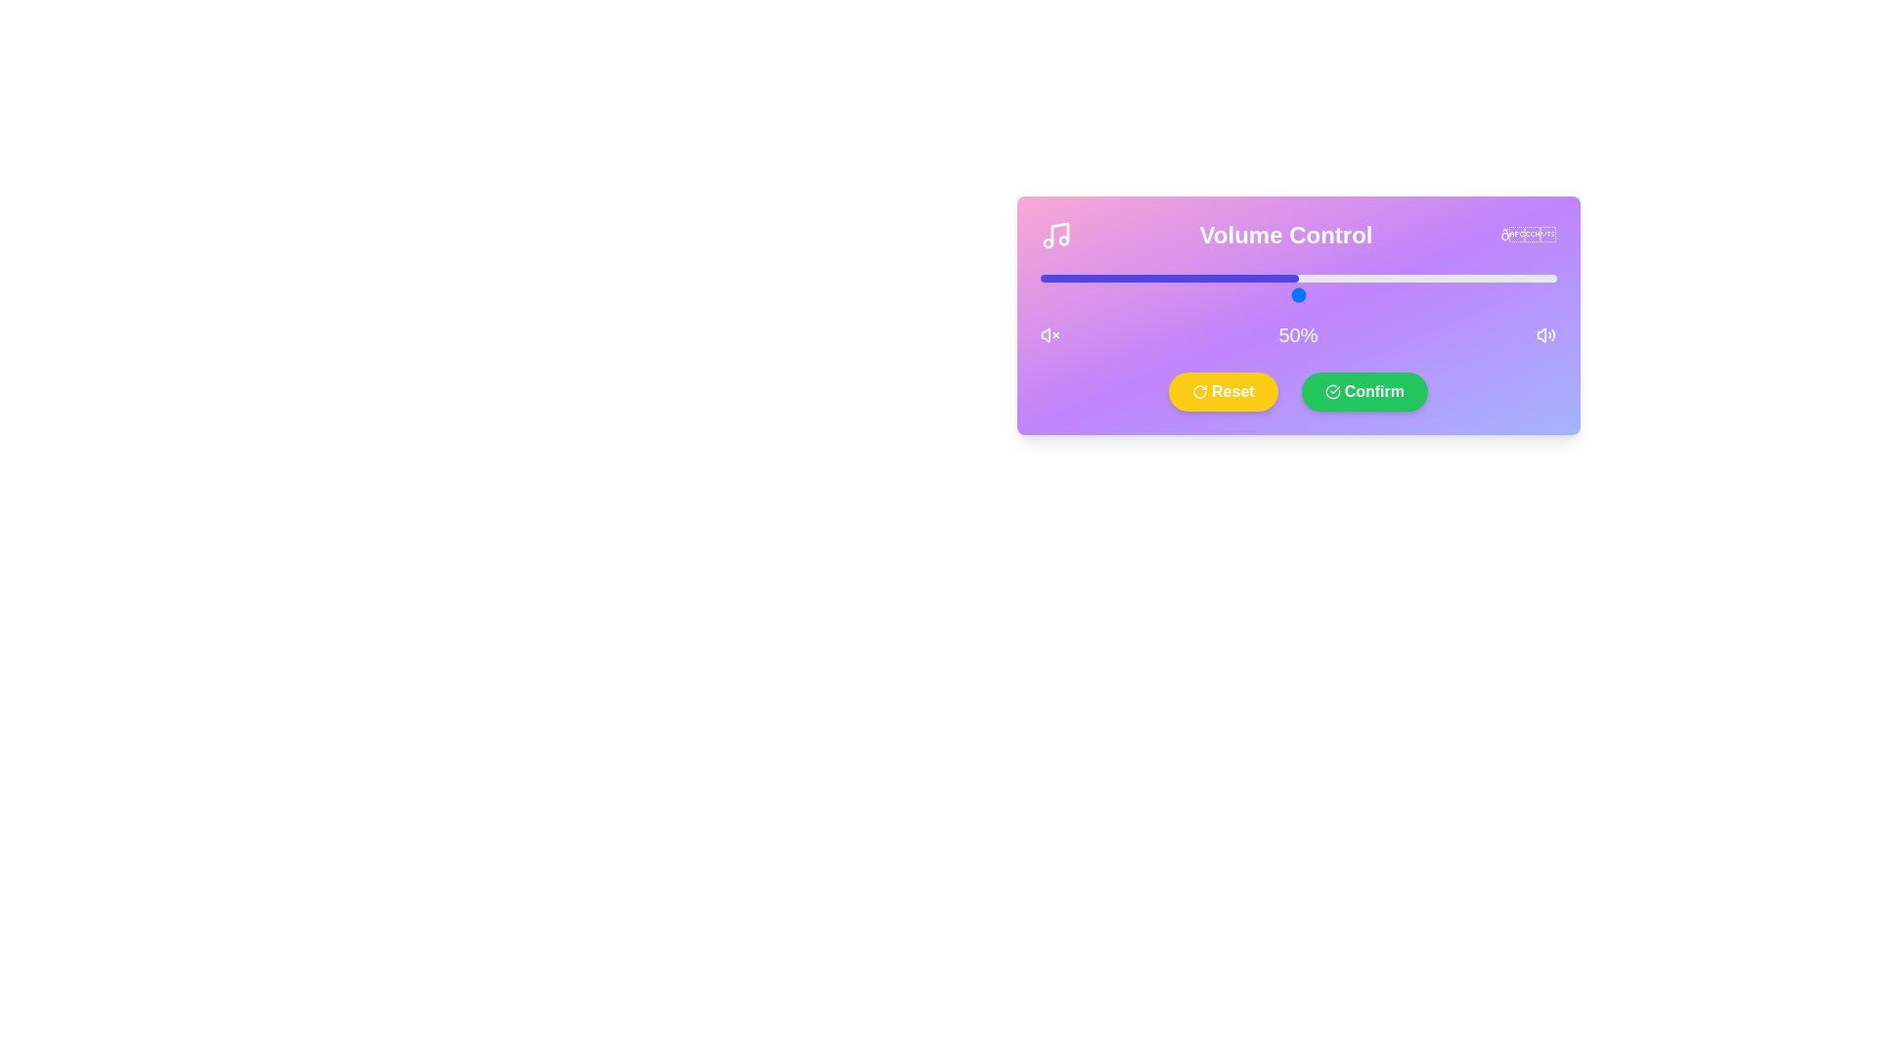  I want to click on the speaker icon with an 'X' indicating muted volume, located to the left of the '50%' volume percentage text, for status indication, so click(1049, 334).